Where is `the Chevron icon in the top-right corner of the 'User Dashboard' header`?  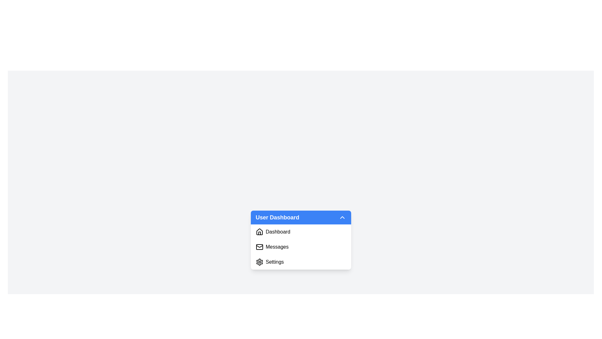
the Chevron icon in the top-right corner of the 'User Dashboard' header is located at coordinates (342, 217).